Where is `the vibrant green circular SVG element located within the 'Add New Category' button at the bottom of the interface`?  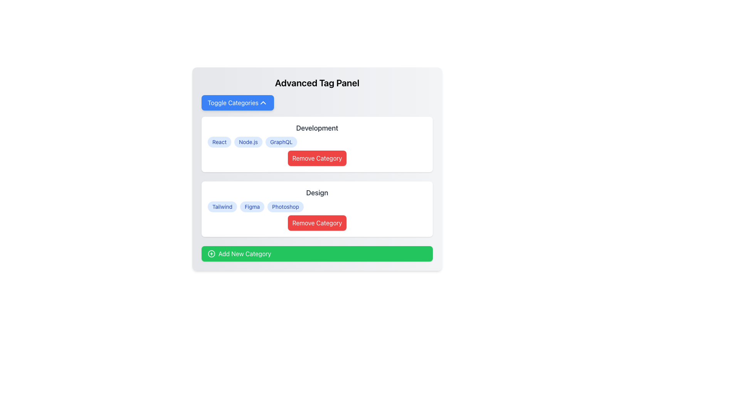 the vibrant green circular SVG element located within the 'Add New Category' button at the bottom of the interface is located at coordinates (211, 254).